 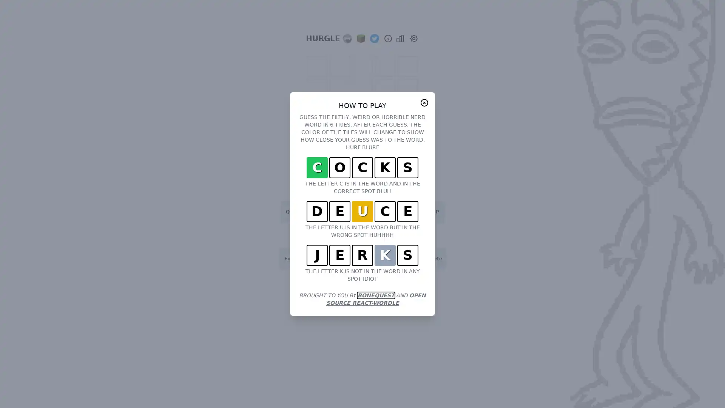 What do you see at coordinates (346, 235) in the screenshot?
I see `F` at bounding box center [346, 235].